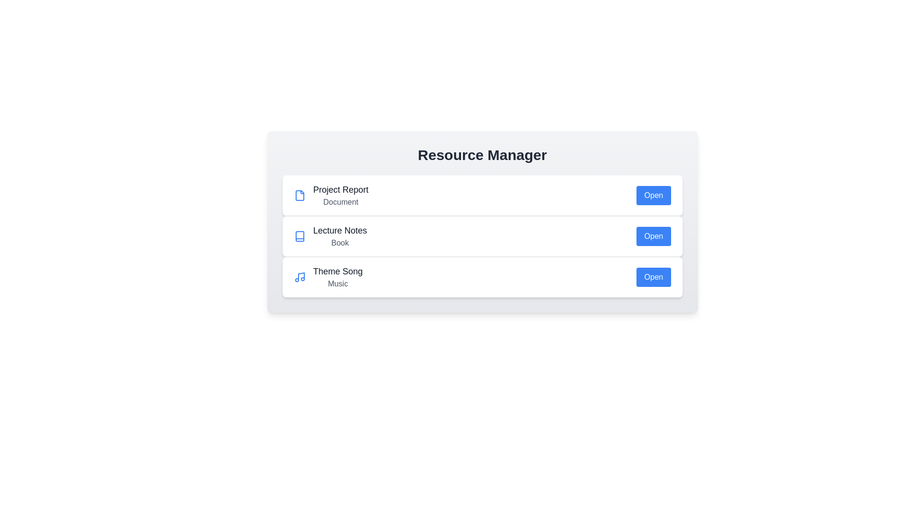 The image size is (923, 519). What do you see at coordinates (482, 195) in the screenshot?
I see `the resource item Project Report to reveal its hover state` at bounding box center [482, 195].